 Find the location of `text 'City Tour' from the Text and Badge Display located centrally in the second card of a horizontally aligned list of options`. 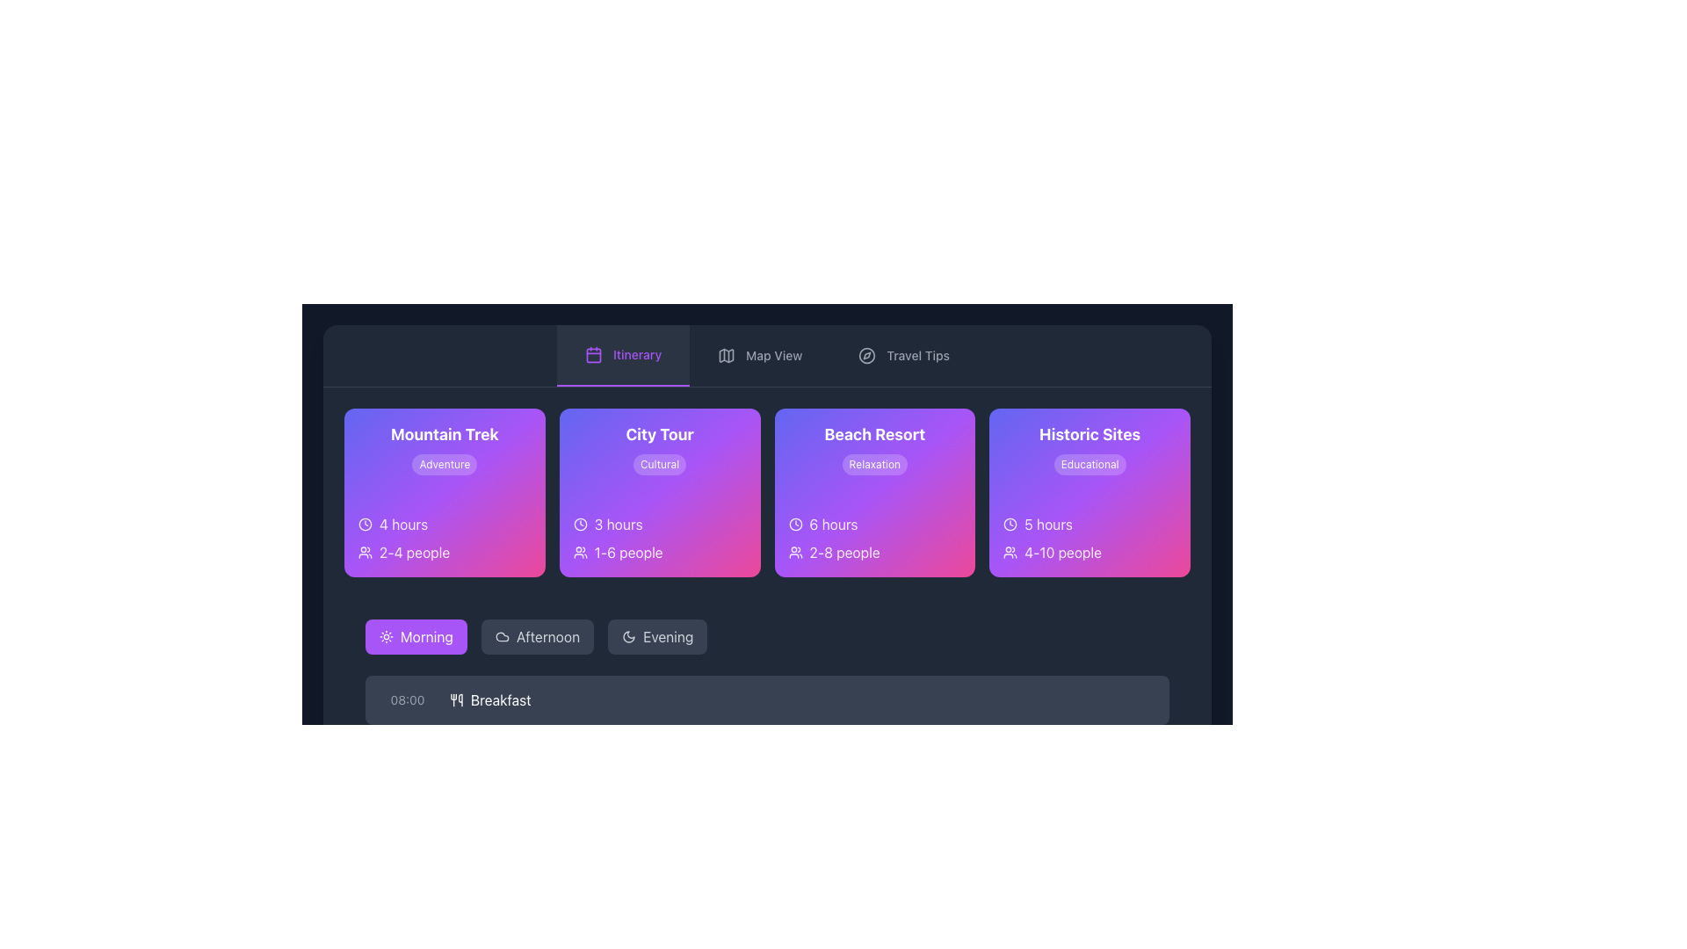

text 'City Tour' from the Text and Badge Display located centrally in the second card of a horizontally aligned list of options is located at coordinates (659, 447).